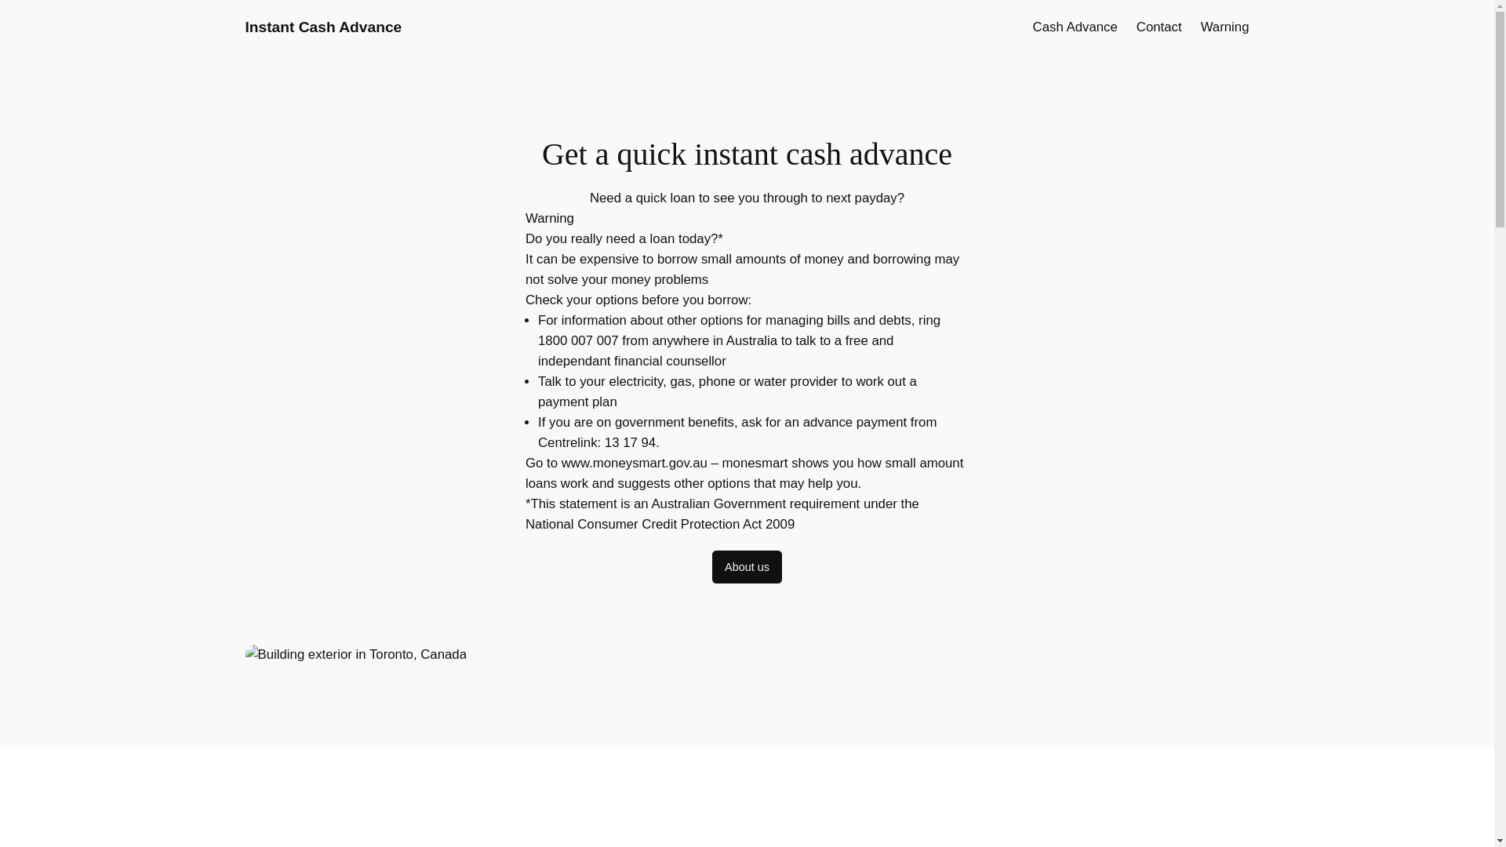 Image resolution: width=1506 pixels, height=847 pixels. What do you see at coordinates (1075, 27) in the screenshot?
I see `'Cash Advance'` at bounding box center [1075, 27].